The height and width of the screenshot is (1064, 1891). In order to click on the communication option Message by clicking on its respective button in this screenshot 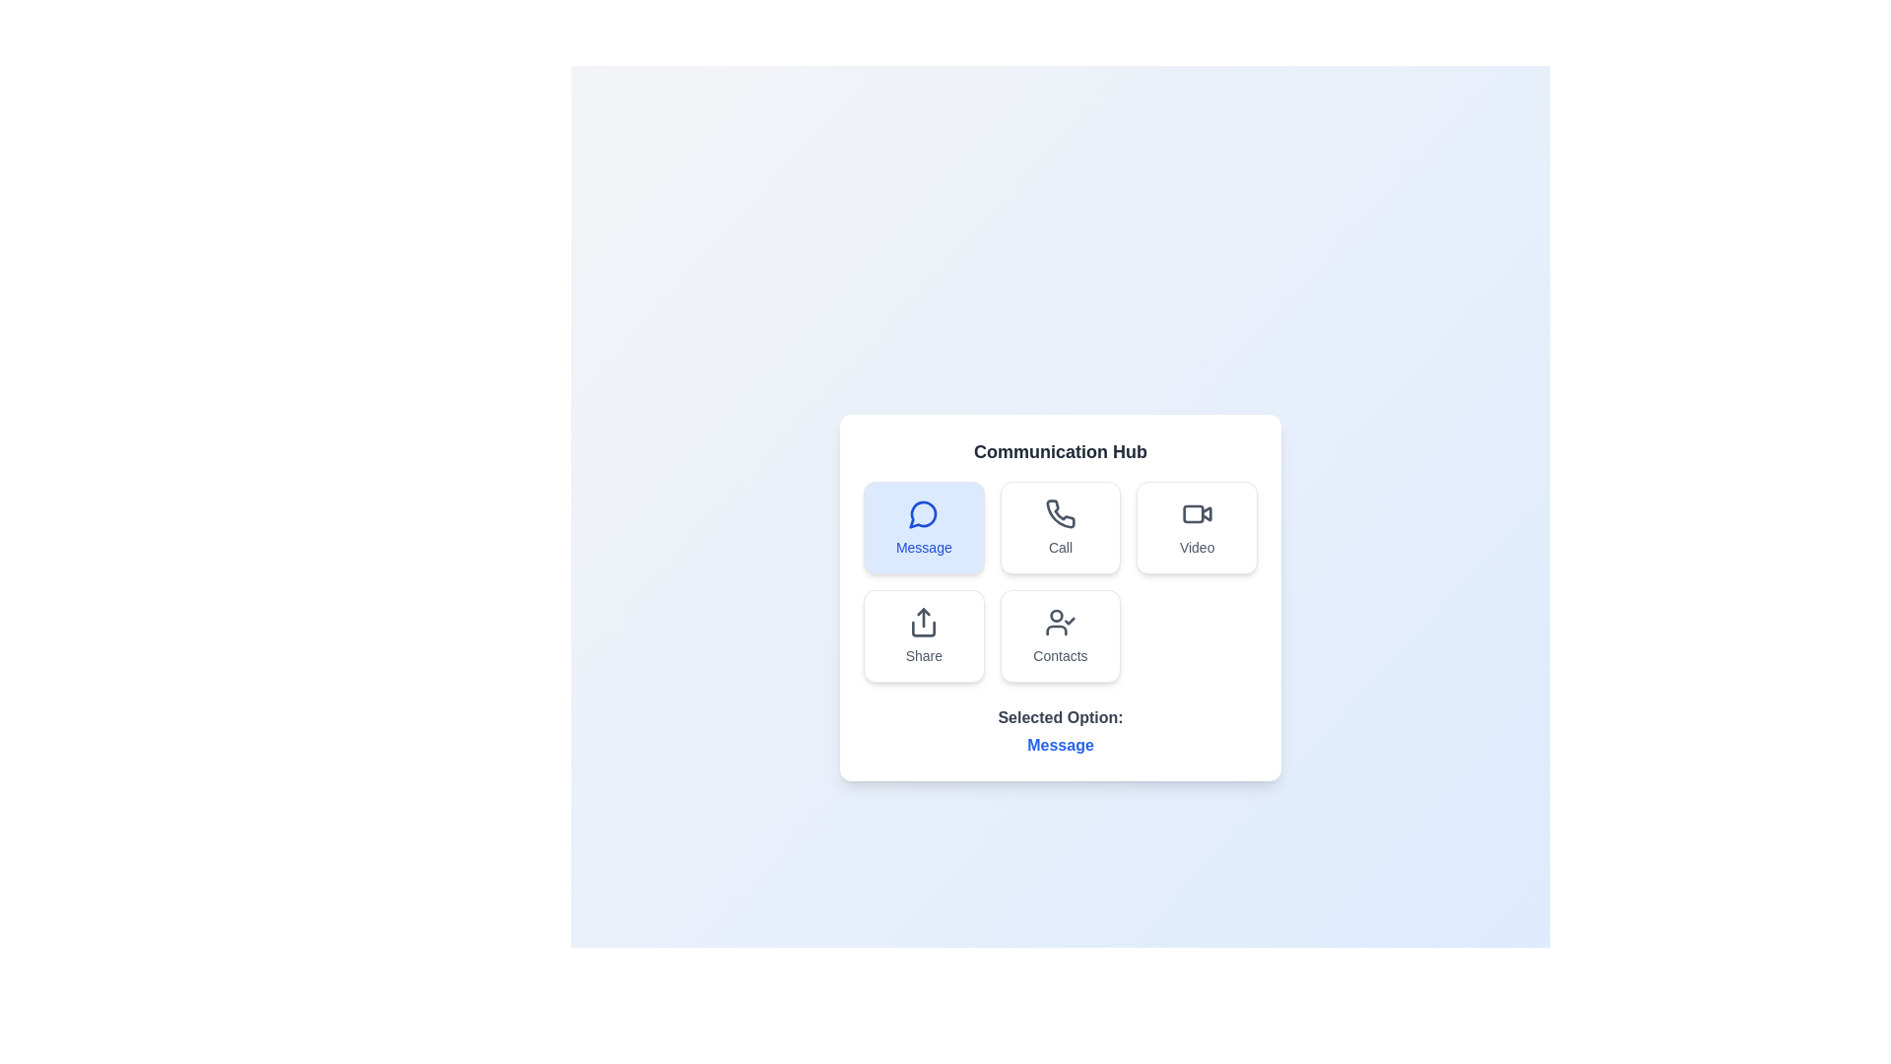, I will do `click(922, 527)`.